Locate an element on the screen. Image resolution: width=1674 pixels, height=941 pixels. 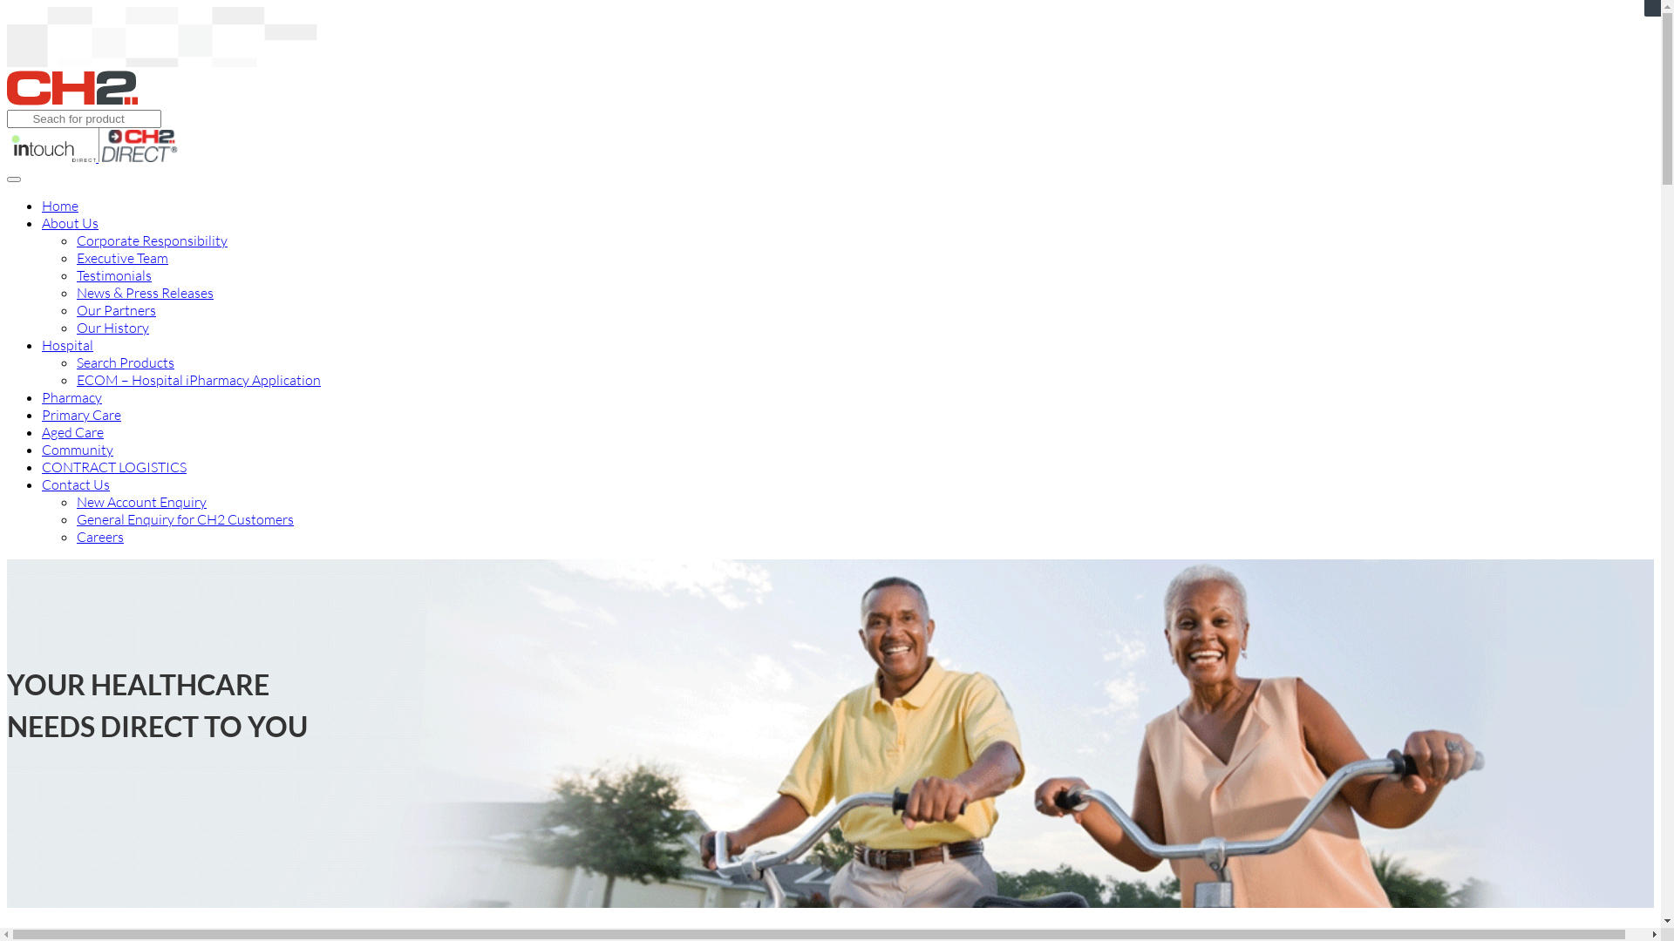
'News & Press Releases' is located at coordinates (145, 291).